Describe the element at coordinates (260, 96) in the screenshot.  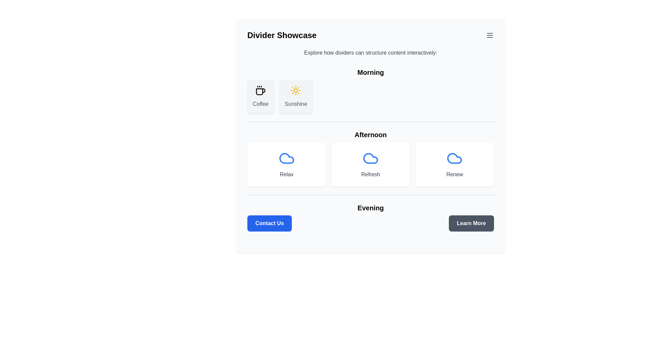
I see `the content of the 'Coffee' card, which is the first card in the 'Morning' section and provides informative content about coffee` at that location.